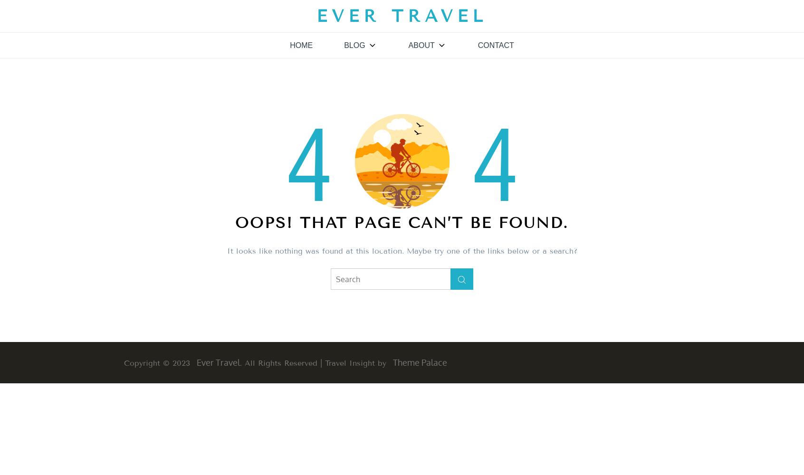 The height and width of the screenshot is (475, 804). I want to click on 'About', so click(421, 45).